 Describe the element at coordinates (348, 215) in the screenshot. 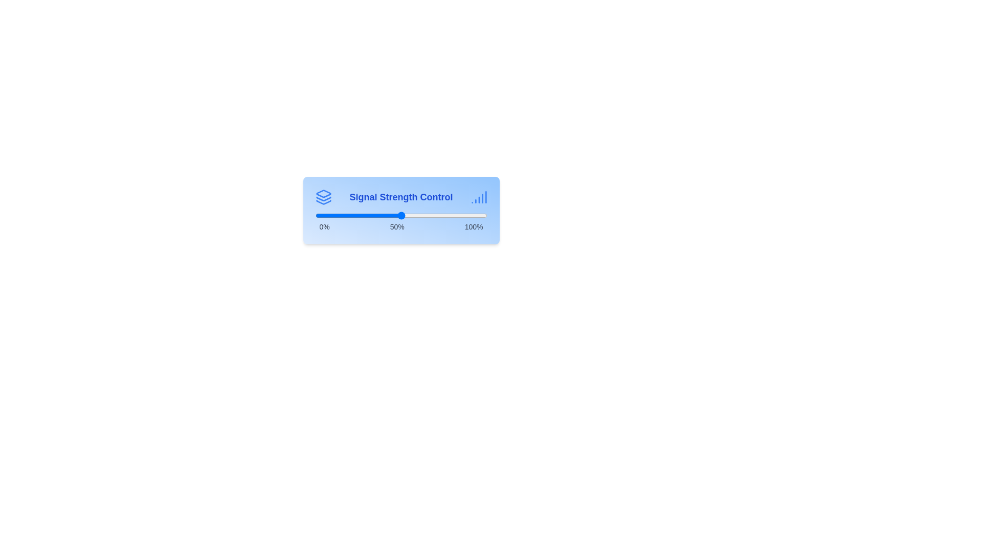

I see `the signal strength slider to 19% and observe the updated value` at that location.